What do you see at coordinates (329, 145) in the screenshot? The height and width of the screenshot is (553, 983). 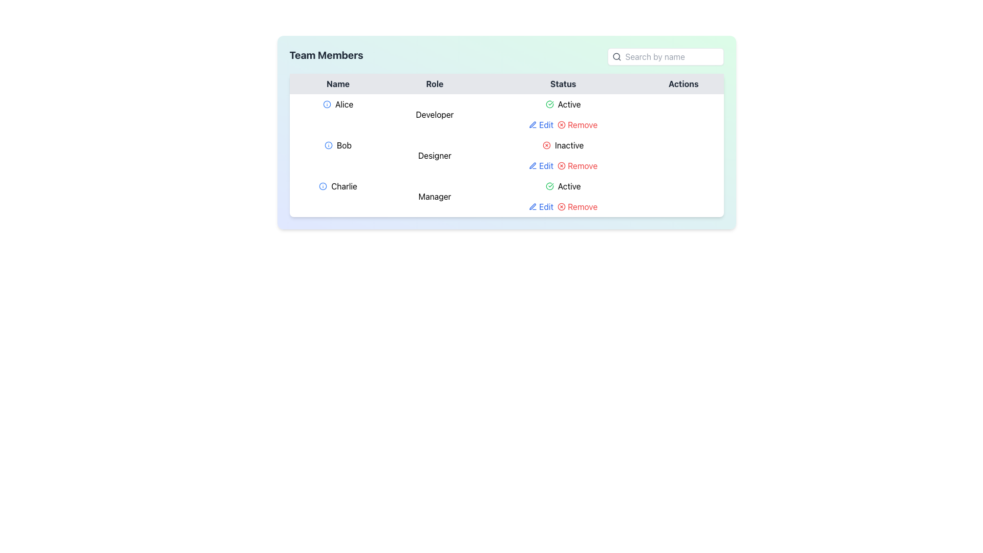 I see `the informational icon associated with the team member named 'Bob'` at bounding box center [329, 145].